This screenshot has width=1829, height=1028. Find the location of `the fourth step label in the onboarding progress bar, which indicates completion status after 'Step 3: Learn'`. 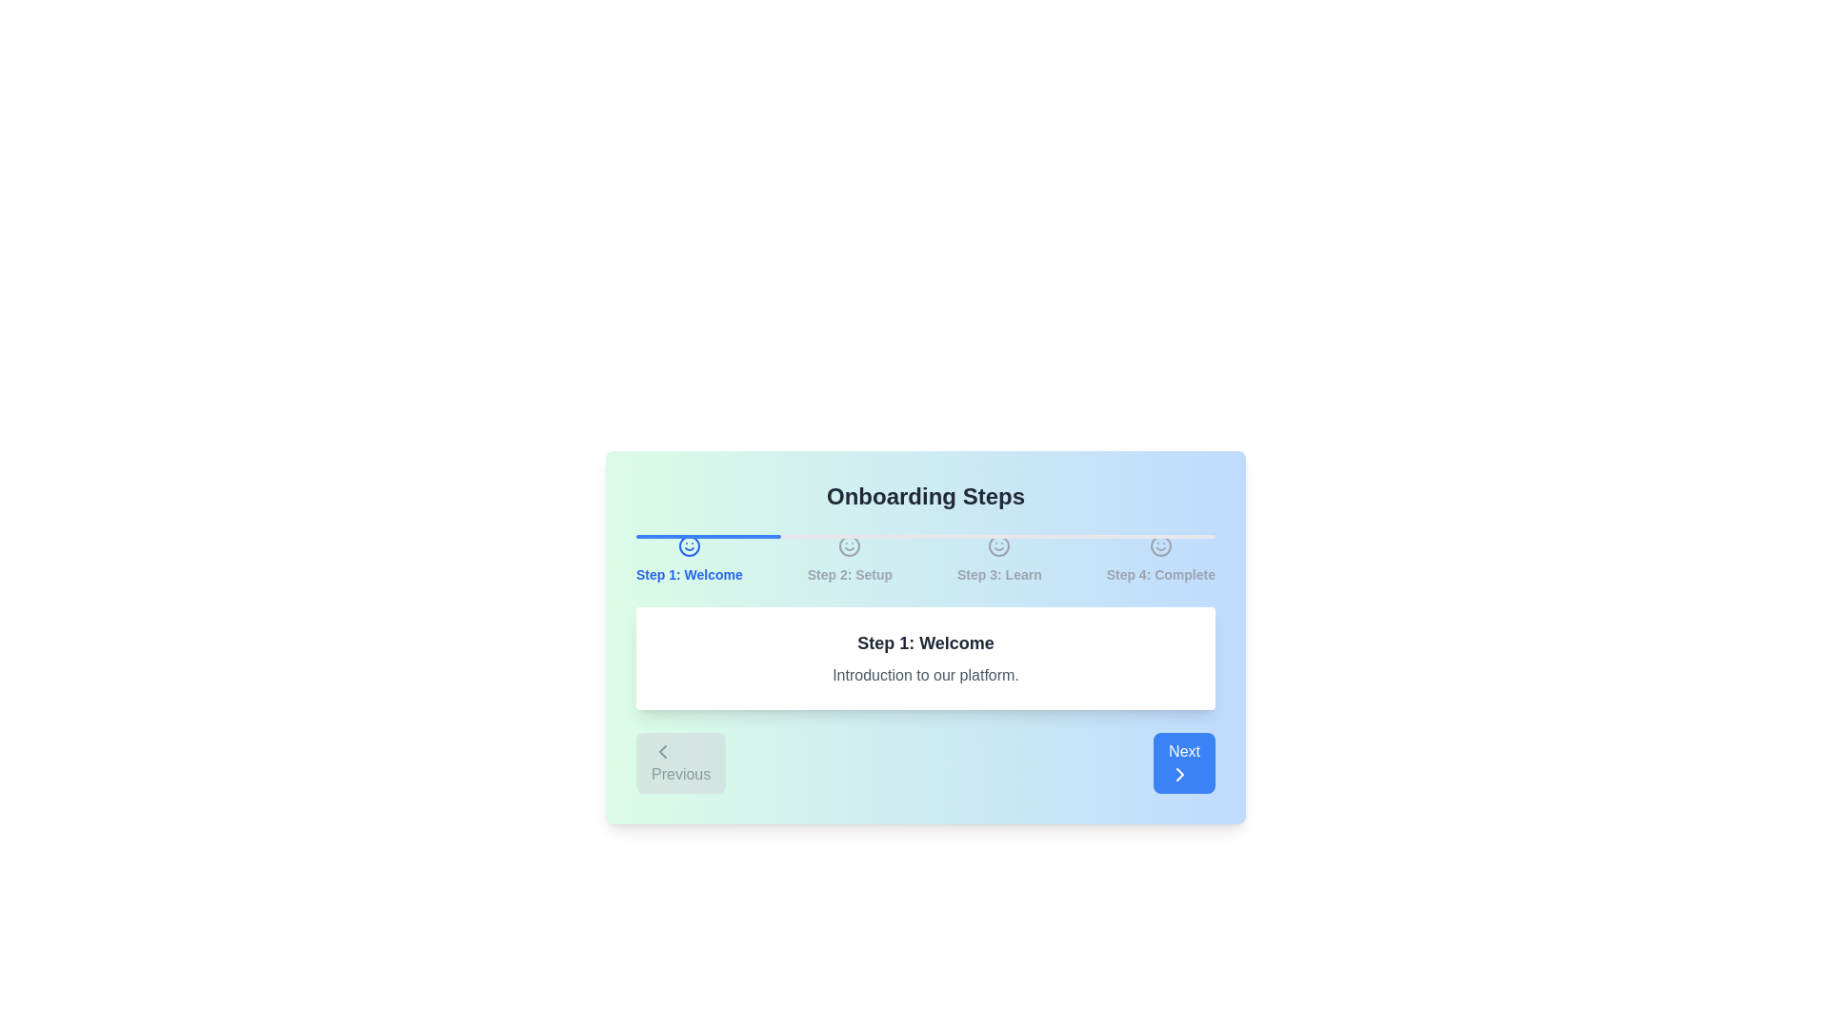

the fourth step label in the onboarding progress bar, which indicates completion status after 'Step 3: Learn' is located at coordinates (1159, 574).